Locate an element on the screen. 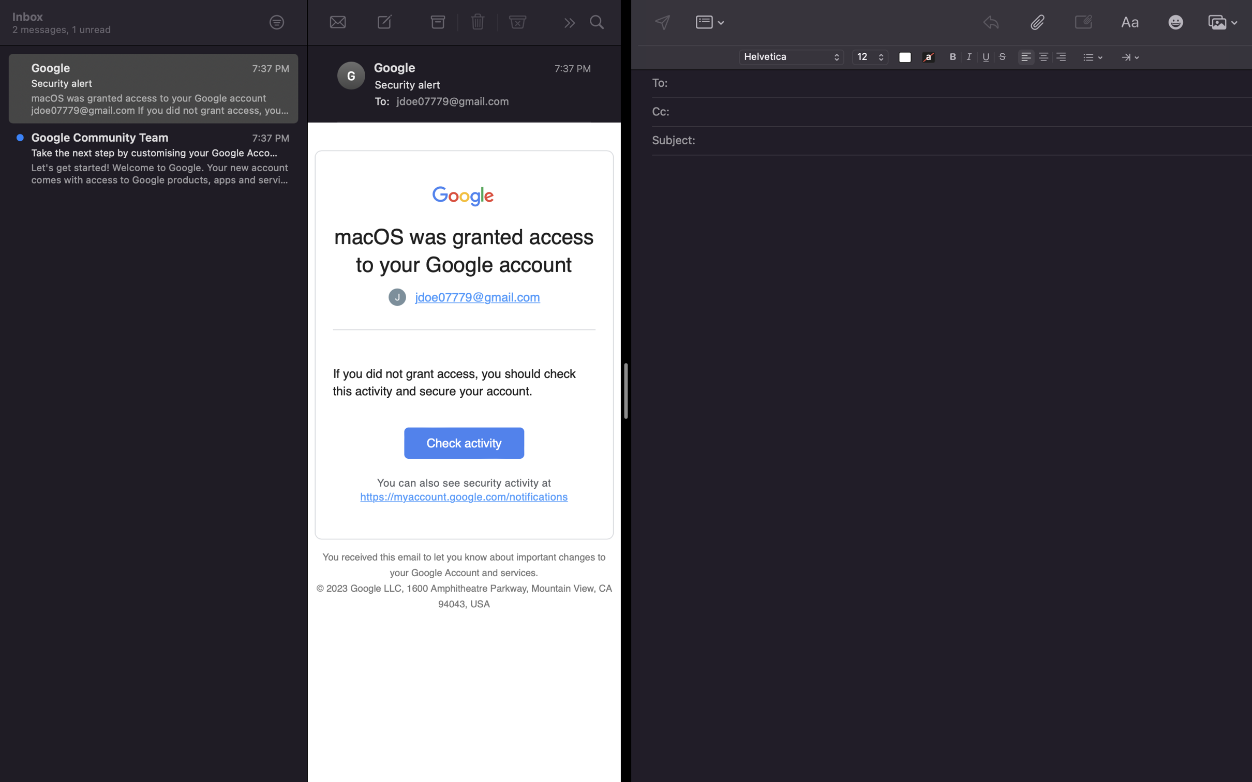 Image resolution: width=1252 pixels, height=782 pixels. Put "john@gmail.com" in the receiving address box for the email is located at coordinates (959, 84).